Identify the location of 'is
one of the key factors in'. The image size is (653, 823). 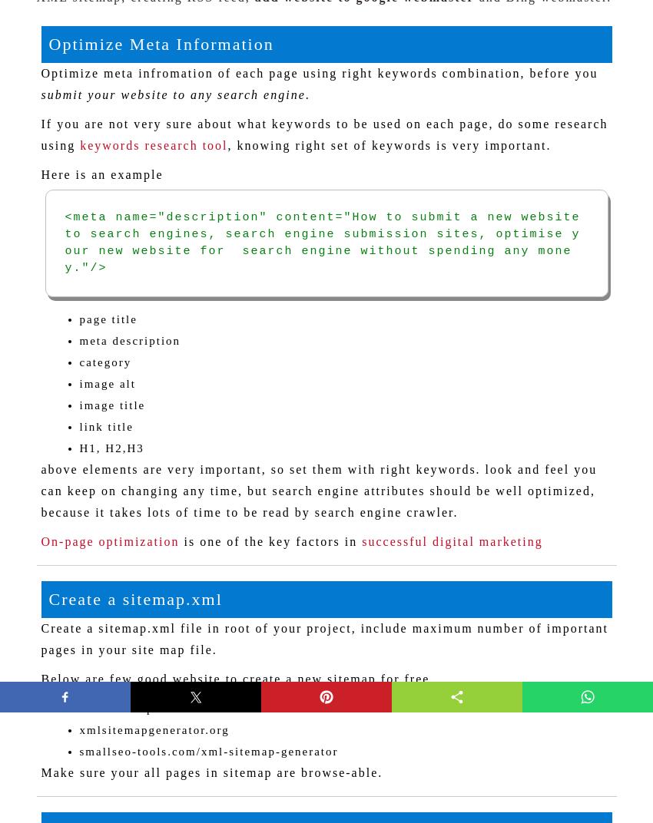
(269, 540).